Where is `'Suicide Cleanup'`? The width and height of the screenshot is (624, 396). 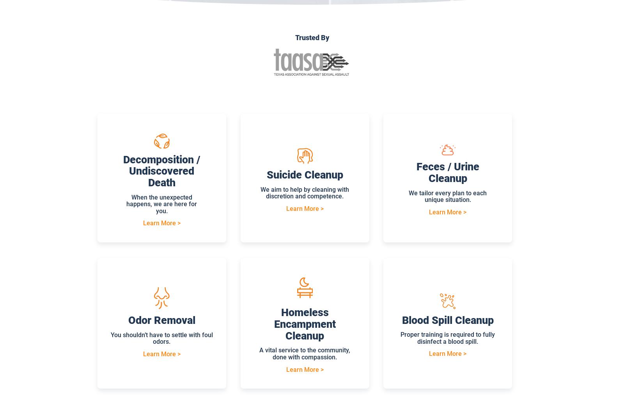 'Suicide Cleanup' is located at coordinates (266, 175).